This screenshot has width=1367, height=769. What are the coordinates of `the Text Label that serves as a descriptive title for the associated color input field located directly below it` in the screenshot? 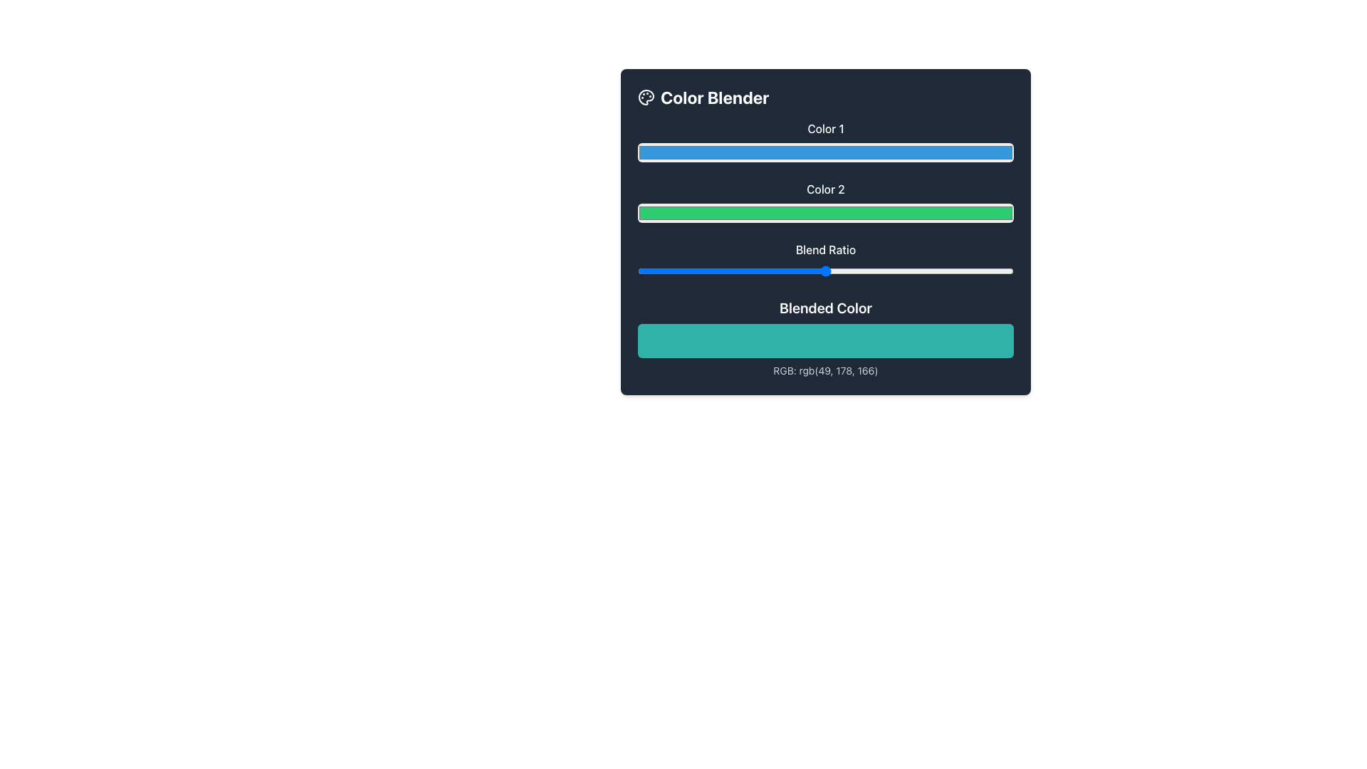 It's located at (826, 129).